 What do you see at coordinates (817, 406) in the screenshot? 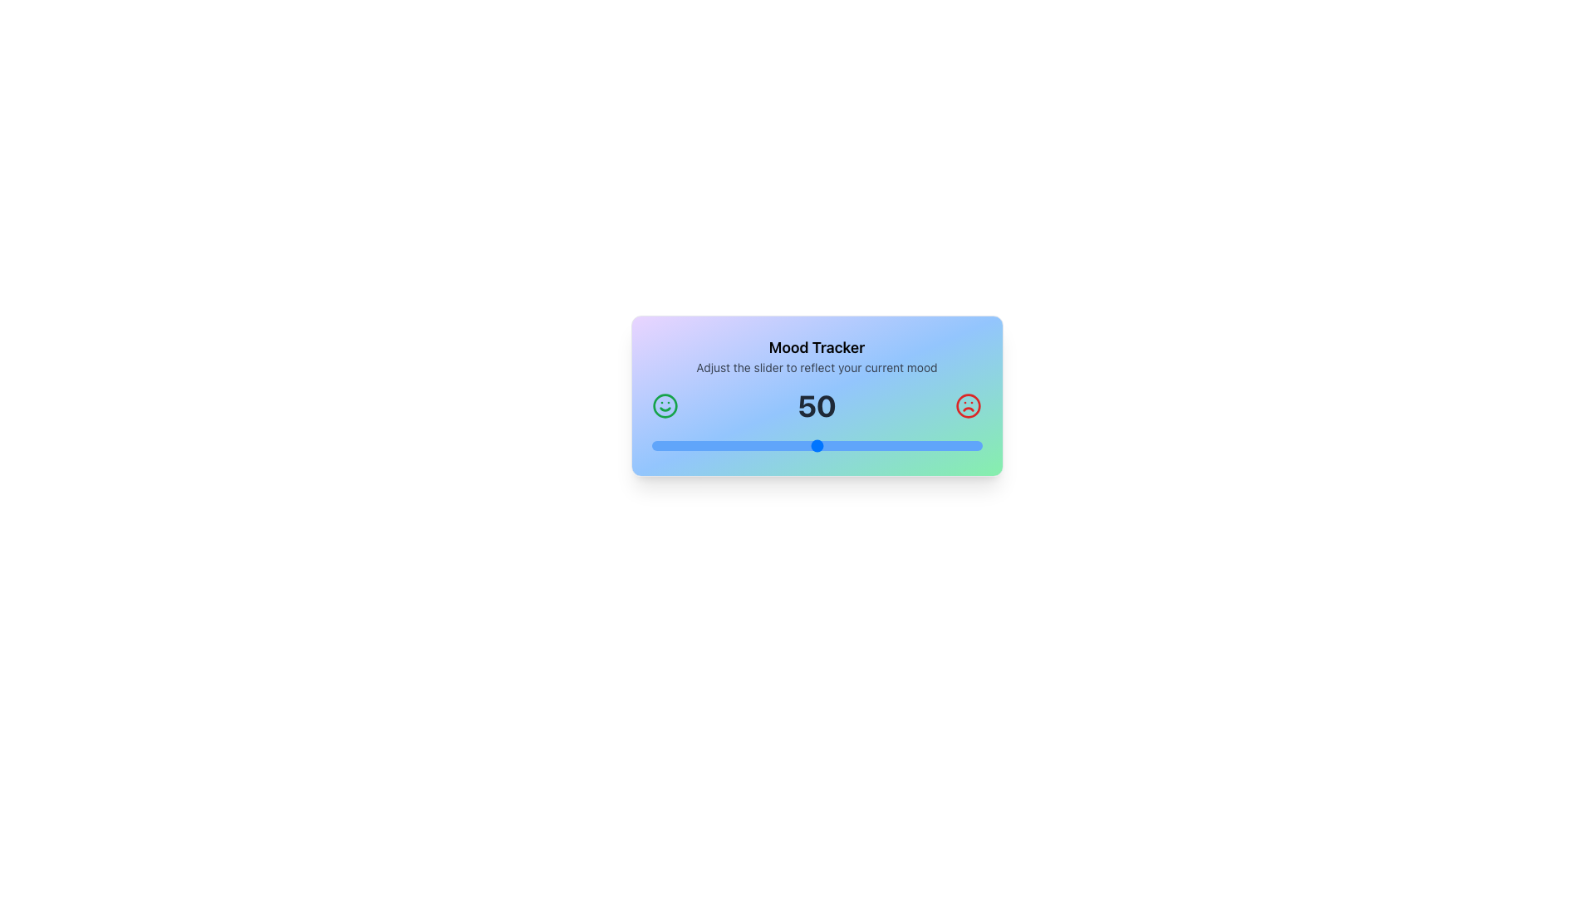
I see `the Text Display element in the Mood Tracker card to focus attention on it, which provides immediate numerical feedback for the selected mood value` at bounding box center [817, 406].